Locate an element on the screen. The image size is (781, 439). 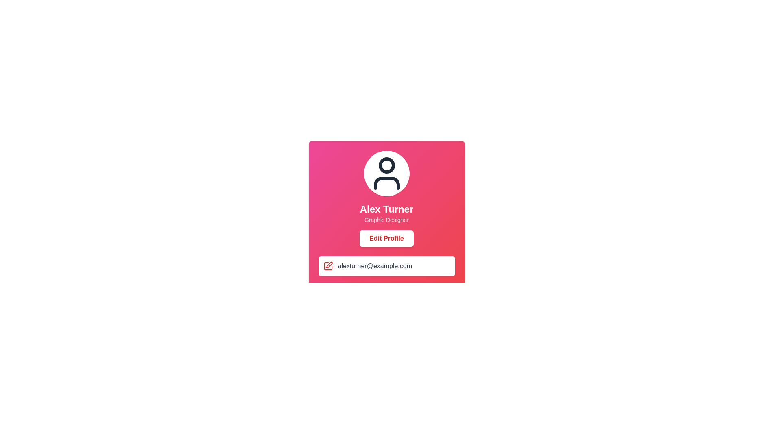
the profile editing button located centrally in the profile card section, below the 'Graphic Designer' text and above the email input field, to initiate the profile editing action is located at coordinates (386, 238).